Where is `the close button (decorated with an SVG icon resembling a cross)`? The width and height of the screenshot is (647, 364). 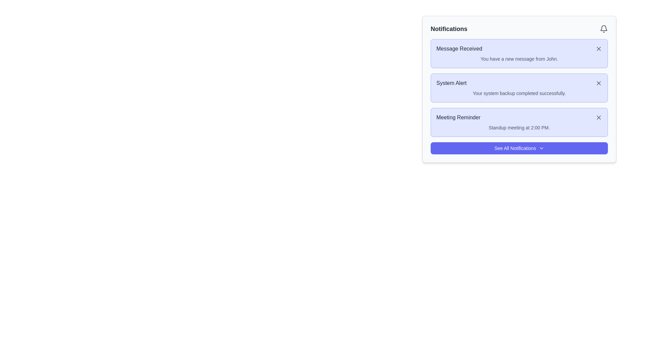
the close button (decorated with an SVG icon resembling a cross) is located at coordinates (598, 83).